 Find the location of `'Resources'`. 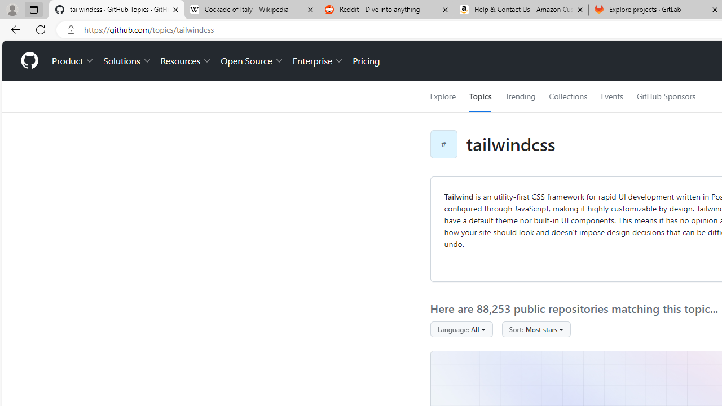

'Resources' is located at coordinates (186, 61).